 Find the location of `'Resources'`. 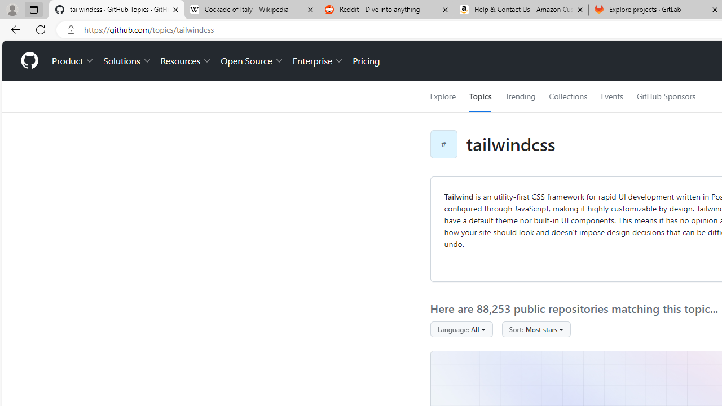

'Resources' is located at coordinates (186, 61).